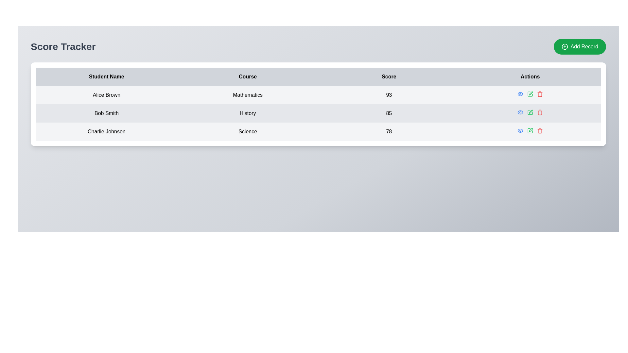  What do you see at coordinates (540, 131) in the screenshot?
I see `the delete button located in the third row of the table under the 'Actions' column, which is the third icon following a blue eye icon and a green pencil icon` at bounding box center [540, 131].